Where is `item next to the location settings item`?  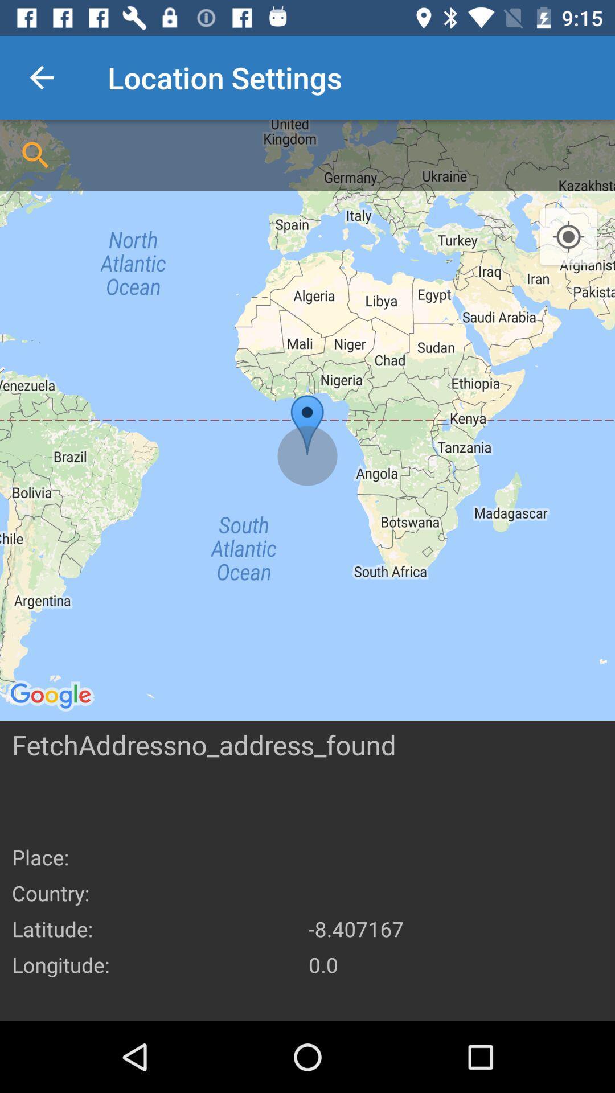 item next to the location settings item is located at coordinates (41, 77).